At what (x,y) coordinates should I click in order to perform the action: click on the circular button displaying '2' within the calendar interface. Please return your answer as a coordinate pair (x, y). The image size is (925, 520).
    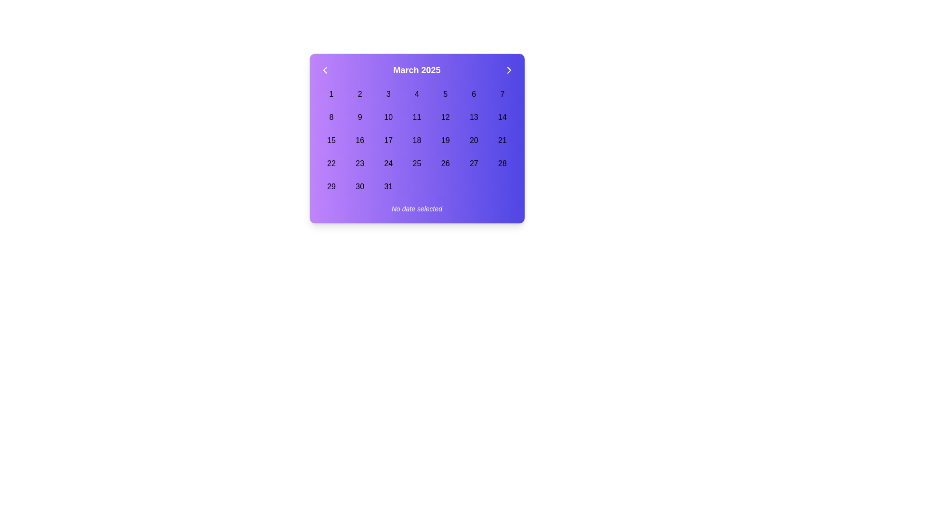
    Looking at the image, I should click on (359, 94).